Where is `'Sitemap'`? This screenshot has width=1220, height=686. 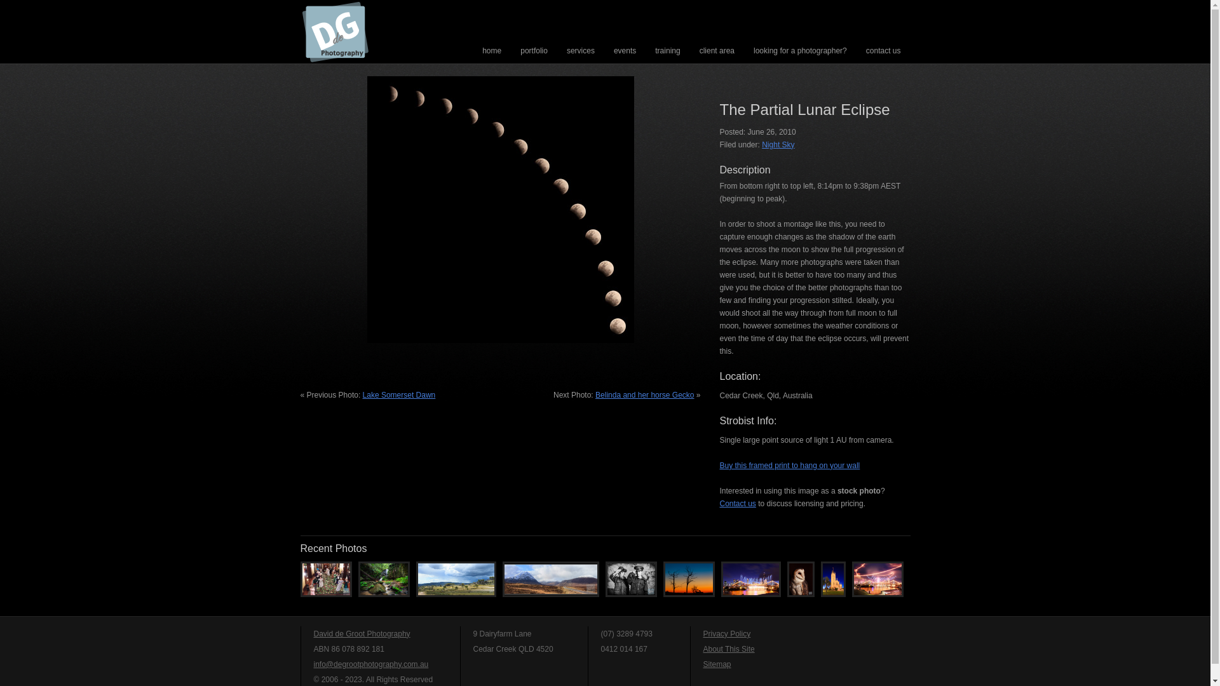
'Sitemap' is located at coordinates (717, 663).